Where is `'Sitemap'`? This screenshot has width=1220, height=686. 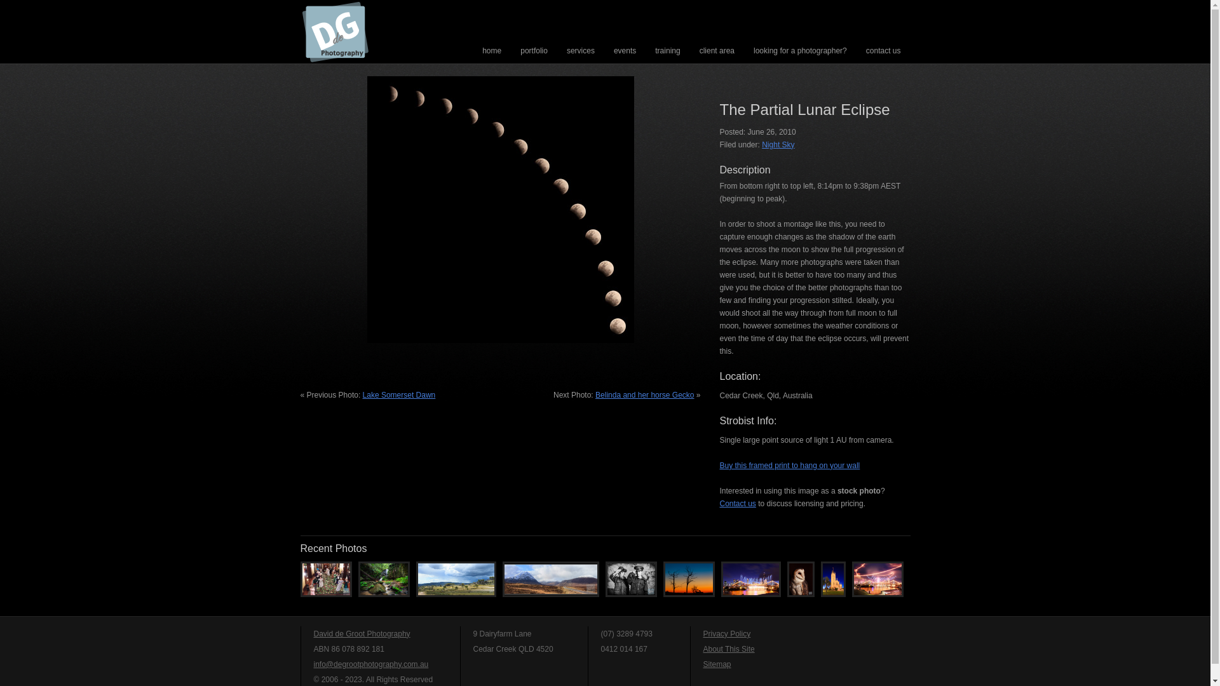
'Sitemap' is located at coordinates (717, 663).